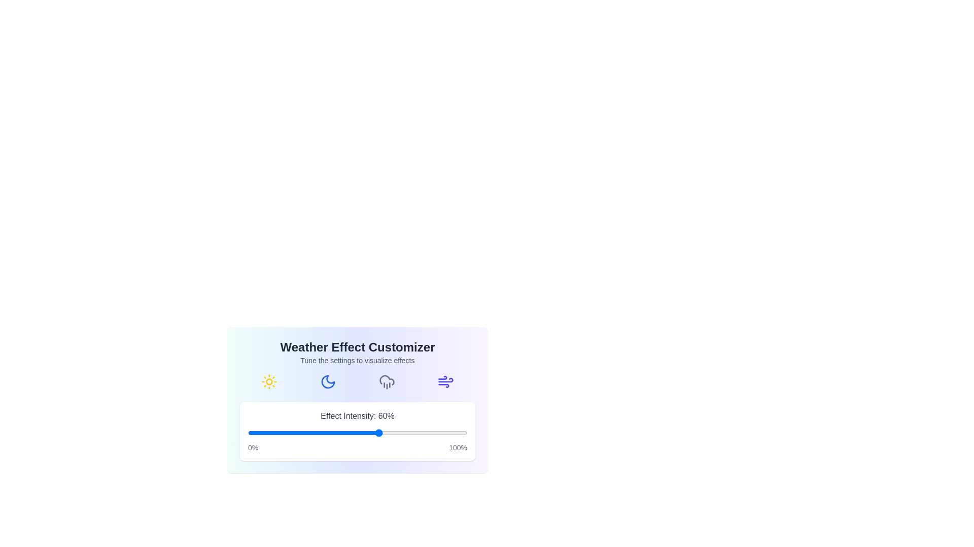 The width and height of the screenshot is (974, 547). What do you see at coordinates (401, 433) in the screenshot?
I see `the effect intensity` at bounding box center [401, 433].